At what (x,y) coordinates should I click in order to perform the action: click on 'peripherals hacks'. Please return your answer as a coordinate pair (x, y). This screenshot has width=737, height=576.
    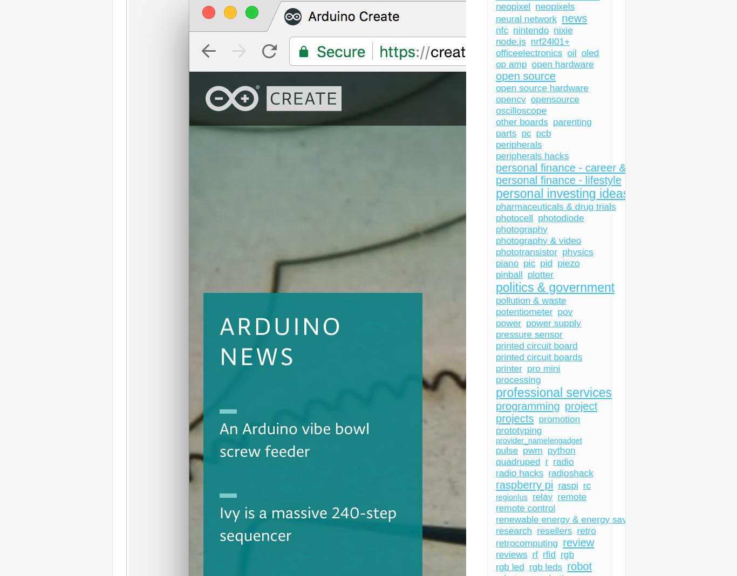
    Looking at the image, I should click on (532, 155).